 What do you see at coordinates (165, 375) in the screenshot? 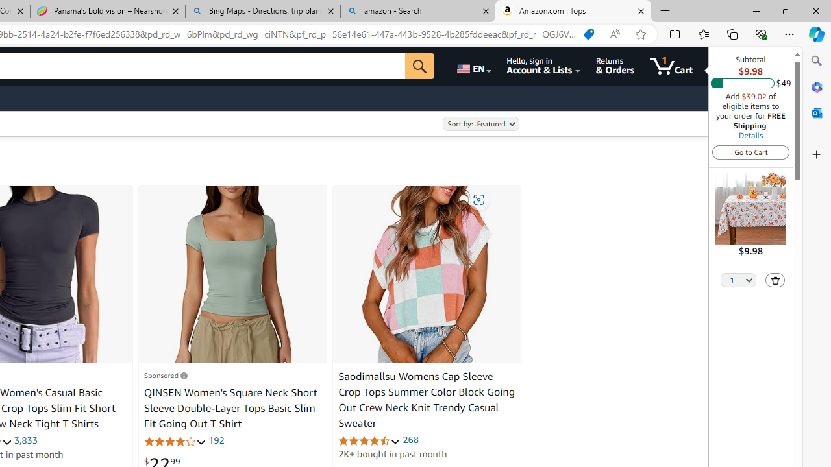
I see `'View Sponsored information or leave ad feedback'` at bounding box center [165, 375].